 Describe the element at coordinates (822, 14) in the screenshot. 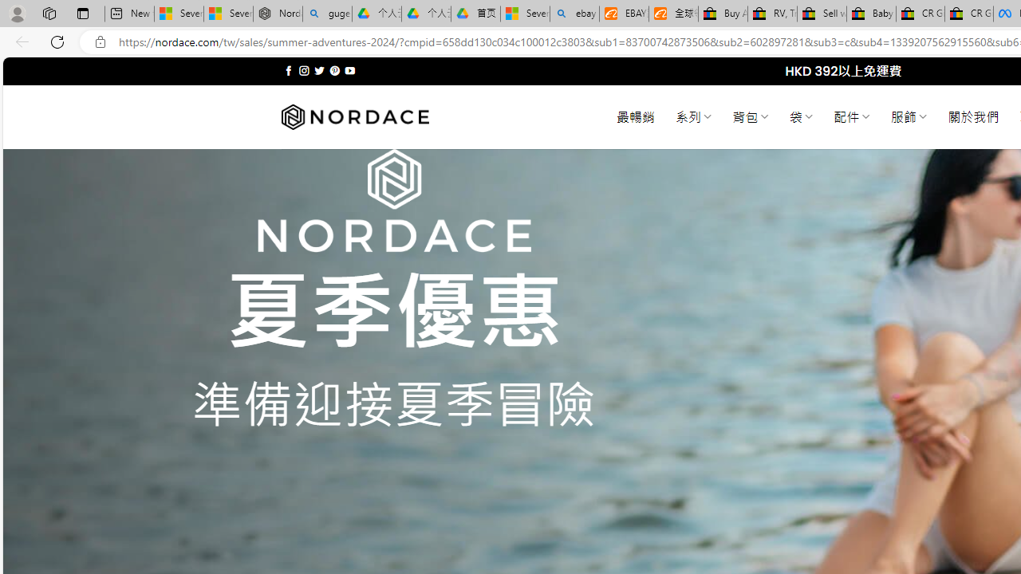

I see `'Sell worldwide with eBay'` at that location.